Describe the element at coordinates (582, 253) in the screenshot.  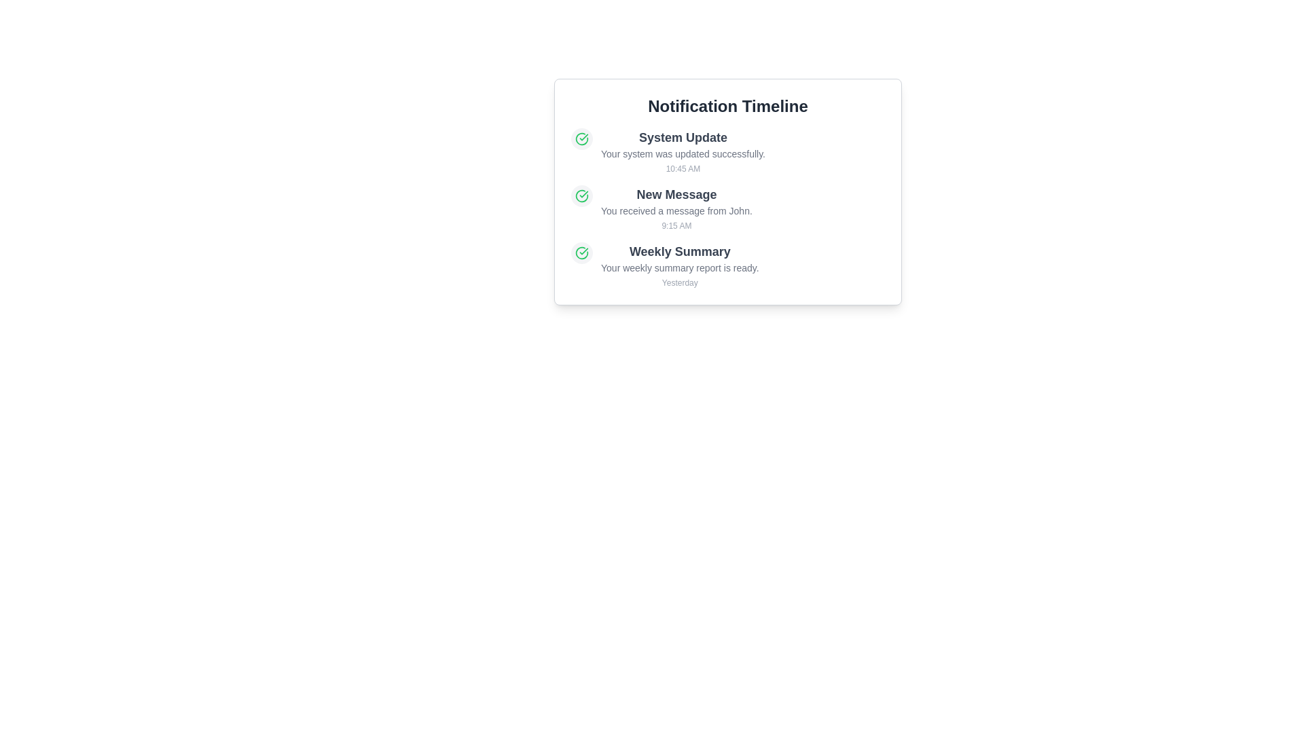
I see `the circular icon with a light gray background and a green check mark, located to the left of the 'Weekly Summary' text within the third notification item of the 'Notification Timeline' list` at that location.